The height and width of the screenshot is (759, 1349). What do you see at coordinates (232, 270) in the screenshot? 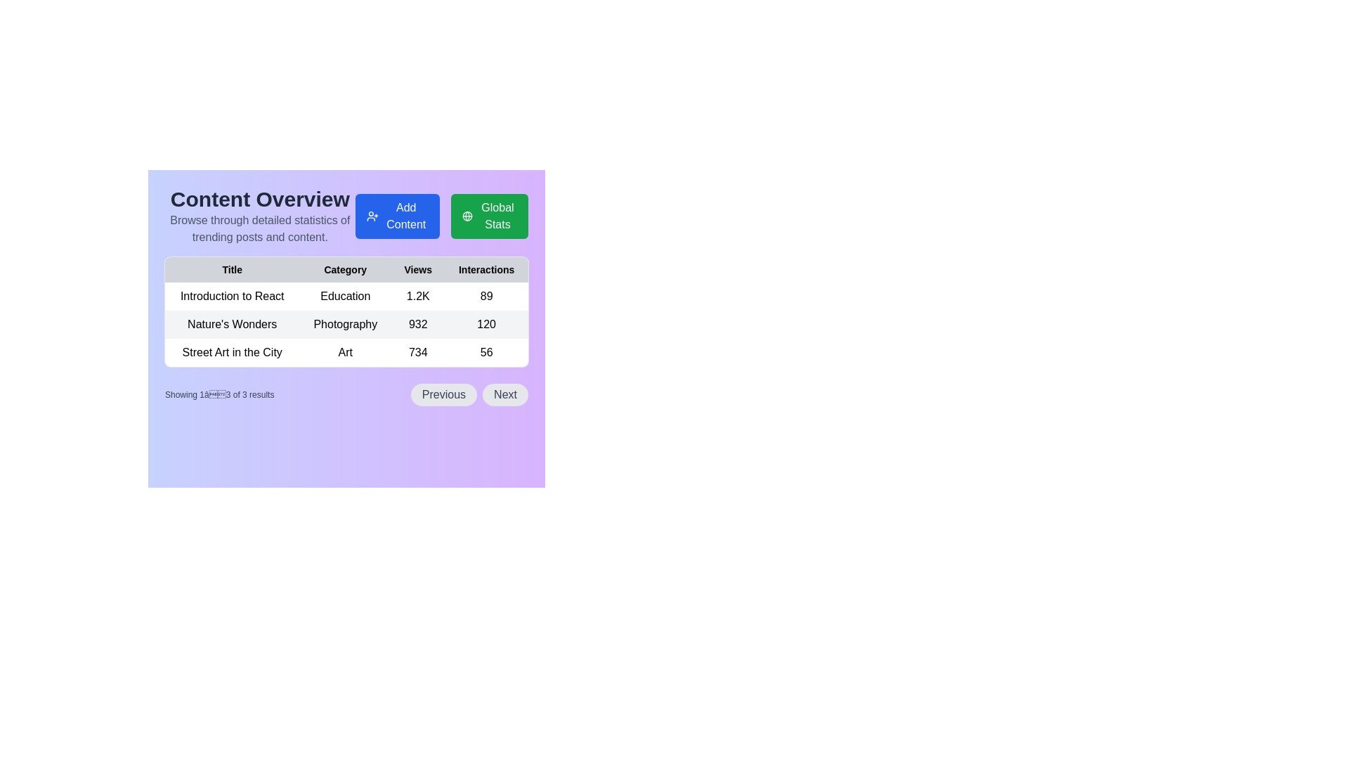
I see `the Table Header Cell that displays the word 'Title' in bold, located in the first column of the header row of a table` at bounding box center [232, 270].